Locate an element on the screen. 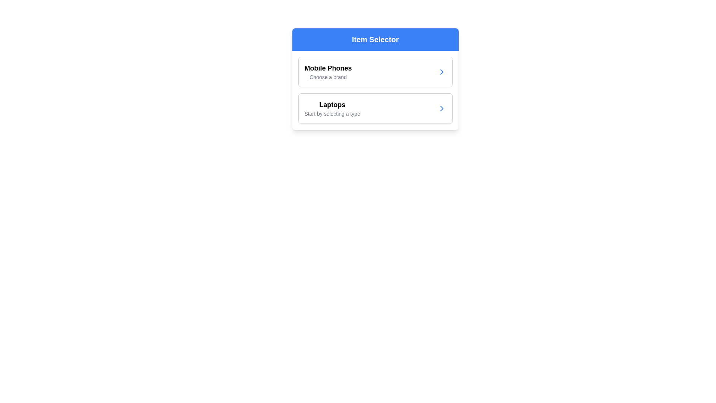  the Chevron-Right icon located at the right end of the 'Mobile Phones' row is located at coordinates (442, 72).